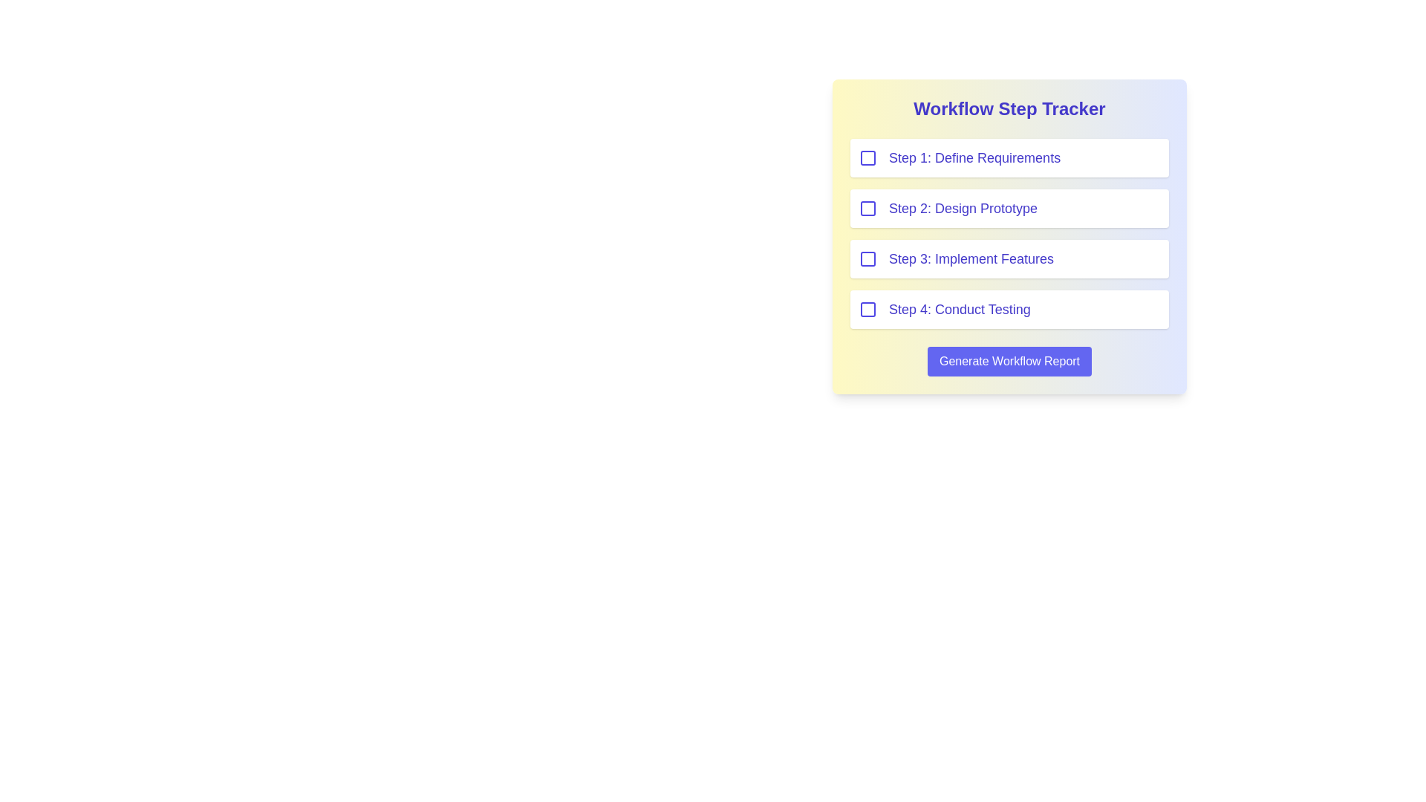 This screenshot has width=1426, height=802. Describe the element at coordinates (868, 308) in the screenshot. I see `the checkbox associated with the fourth step in the workflow tracker` at that location.